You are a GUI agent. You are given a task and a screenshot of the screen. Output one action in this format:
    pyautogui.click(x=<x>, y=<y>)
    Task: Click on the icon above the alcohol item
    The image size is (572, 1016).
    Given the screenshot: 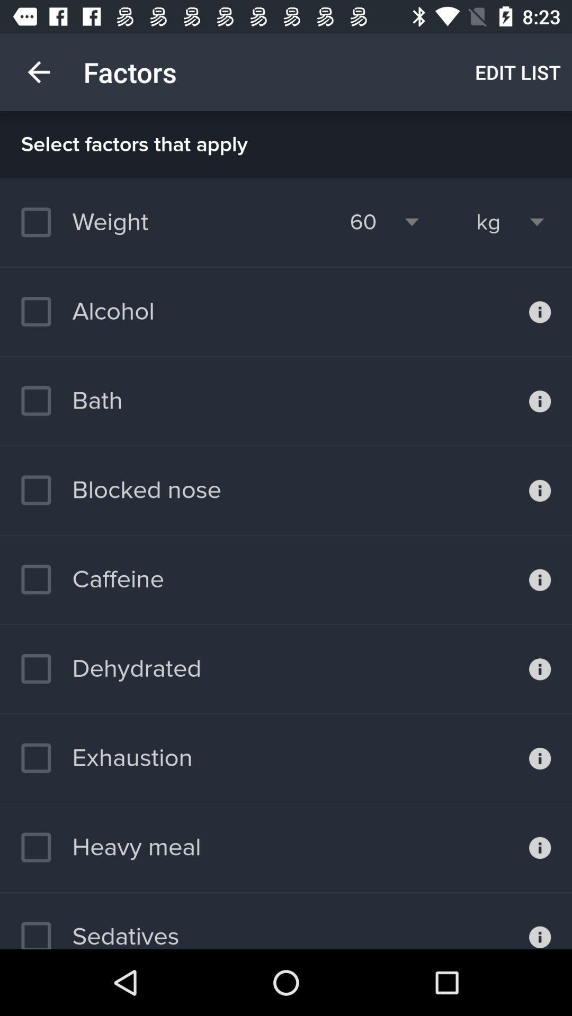 What is the action you would take?
    pyautogui.click(x=90, y=222)
    